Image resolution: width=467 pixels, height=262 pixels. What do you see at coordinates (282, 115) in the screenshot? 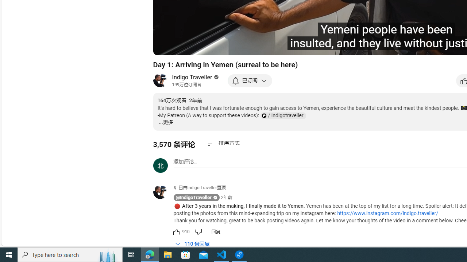
I see `'Patreon Channel Link: indigotraveller'` at bounding box center [282, 115].